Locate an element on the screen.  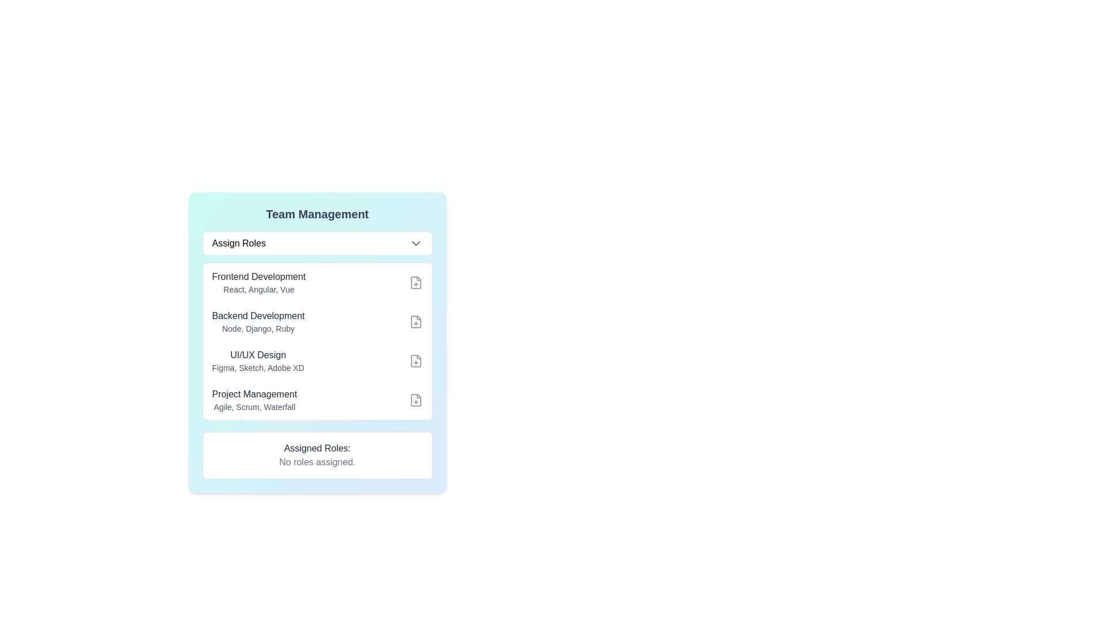
the 'Backend Development' list item in the 'Team Management' section is located at coordinates (257, 322).